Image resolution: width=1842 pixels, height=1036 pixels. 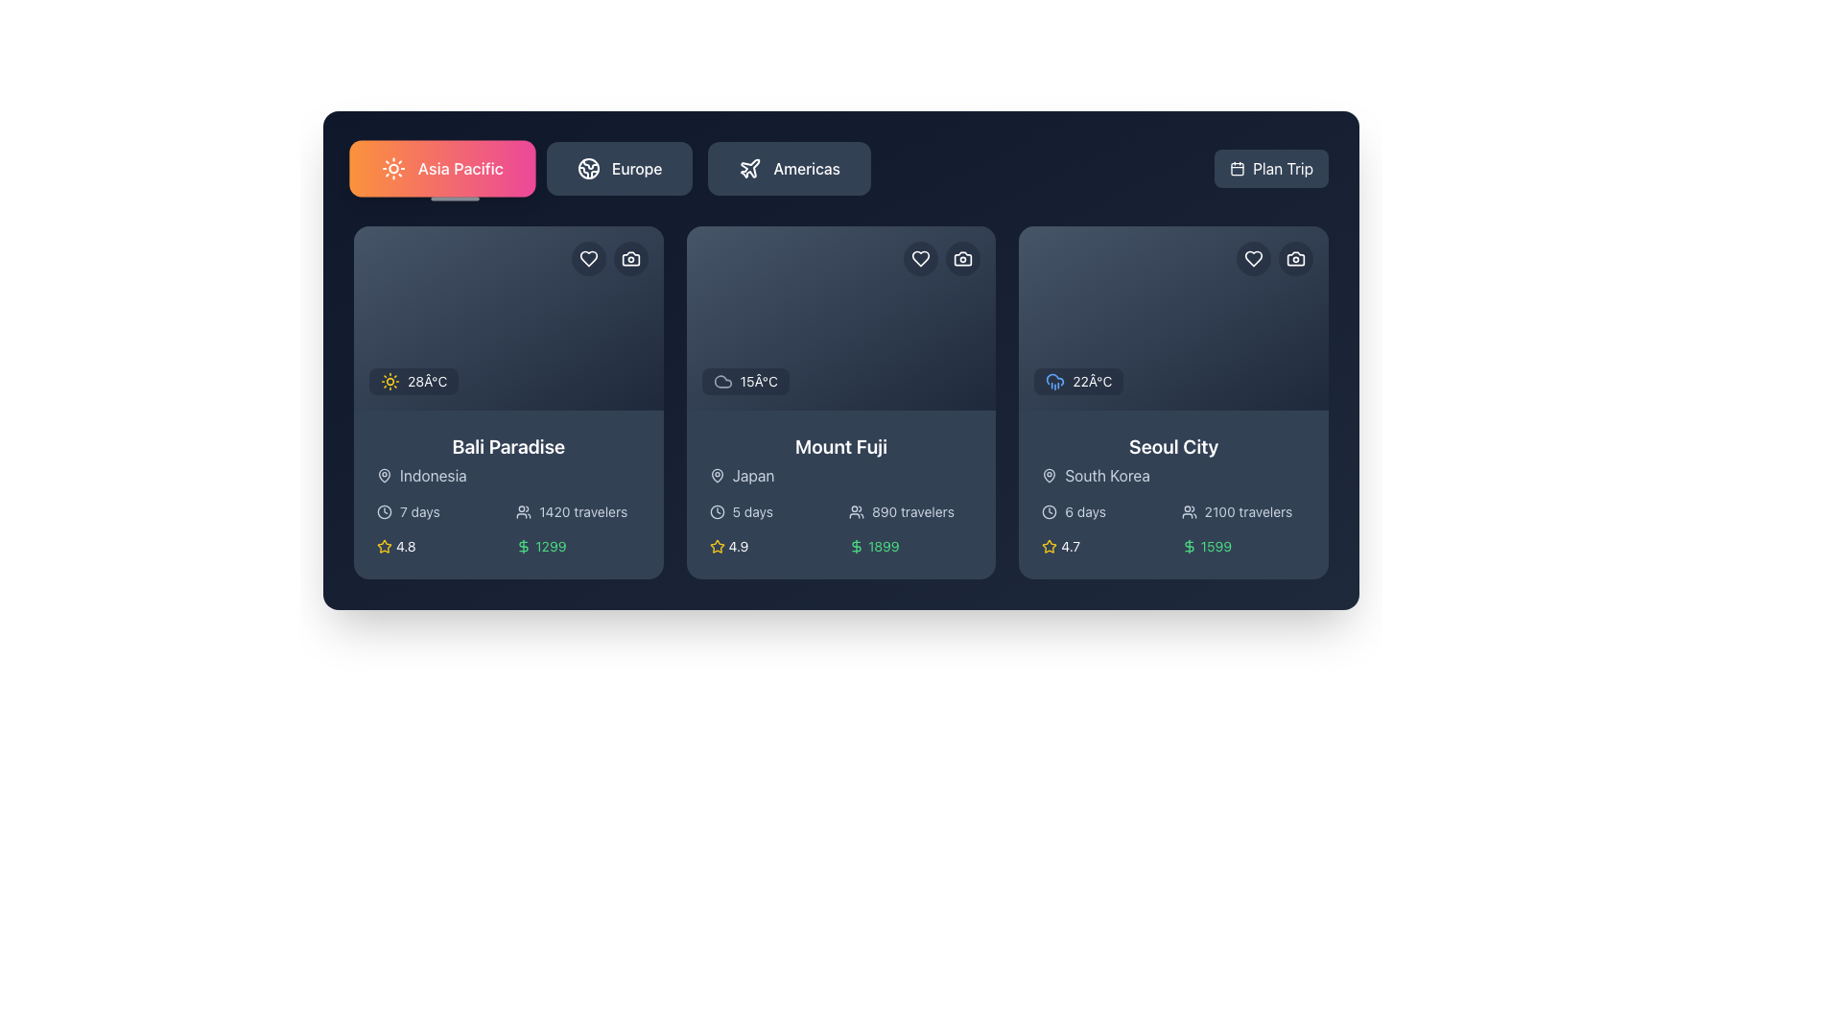 What do you see at coordinates (855, 510) in the screenshot?
I see `the user/traveler icon located to the left of the '890 travelers' text within the 'Mount Fuji' card element in the central card of a three-card layout` at bounding box center [855, 510].